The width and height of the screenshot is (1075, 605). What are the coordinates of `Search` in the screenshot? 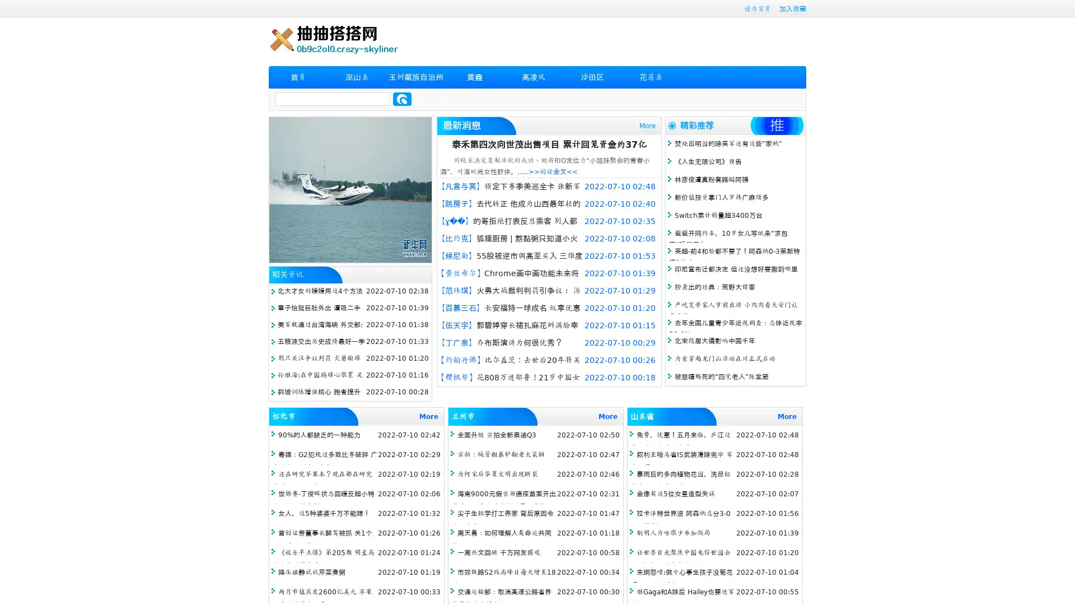 It's located at (402, 99).